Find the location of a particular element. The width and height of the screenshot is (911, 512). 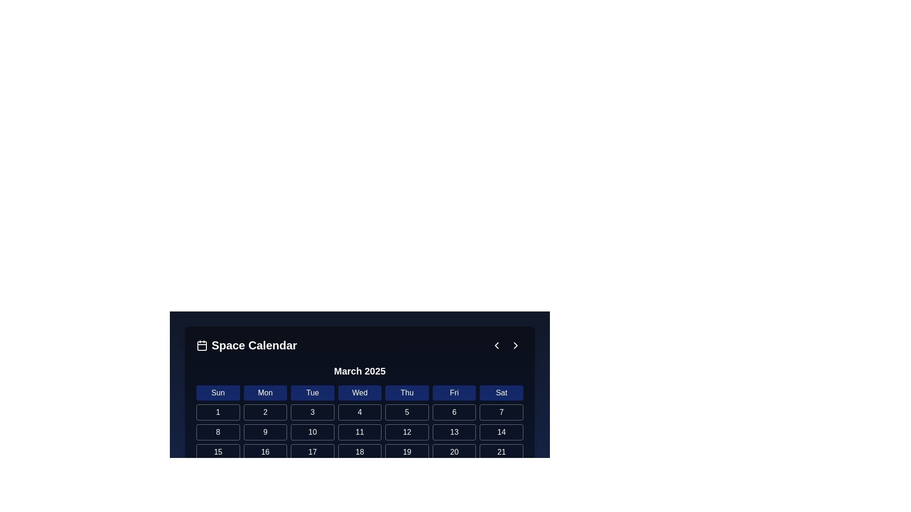

the transparent square button with a chevron-right icon located in the upper right section of the calendar interface is located at coordinates (515, 346).